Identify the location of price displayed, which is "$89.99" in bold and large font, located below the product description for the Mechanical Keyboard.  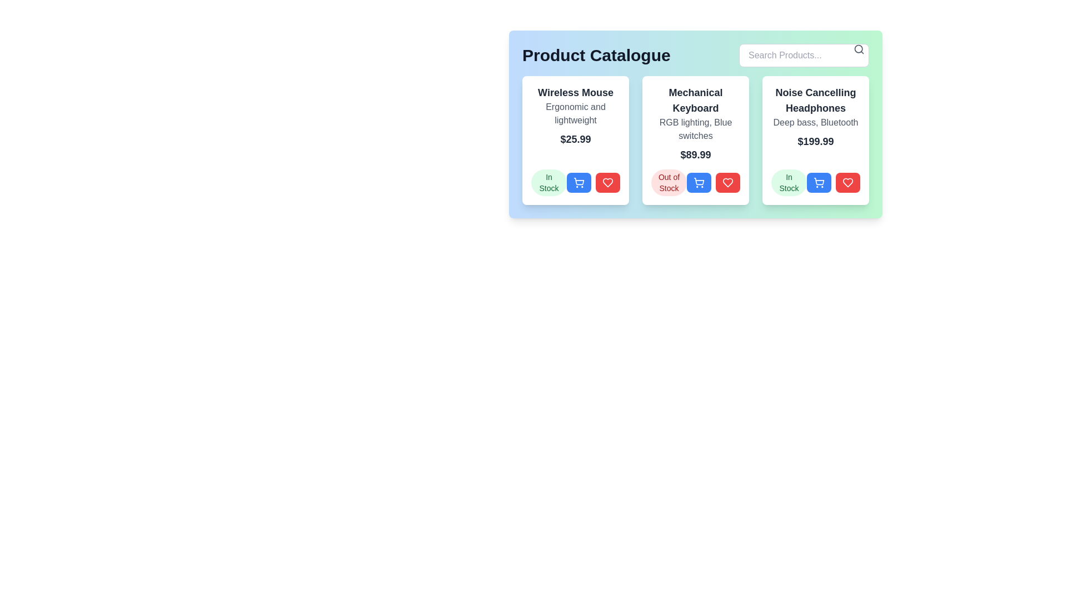
(695, 154).